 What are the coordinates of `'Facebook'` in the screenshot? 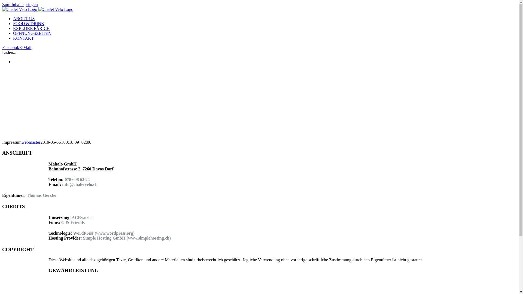 It's located at (2, 47).